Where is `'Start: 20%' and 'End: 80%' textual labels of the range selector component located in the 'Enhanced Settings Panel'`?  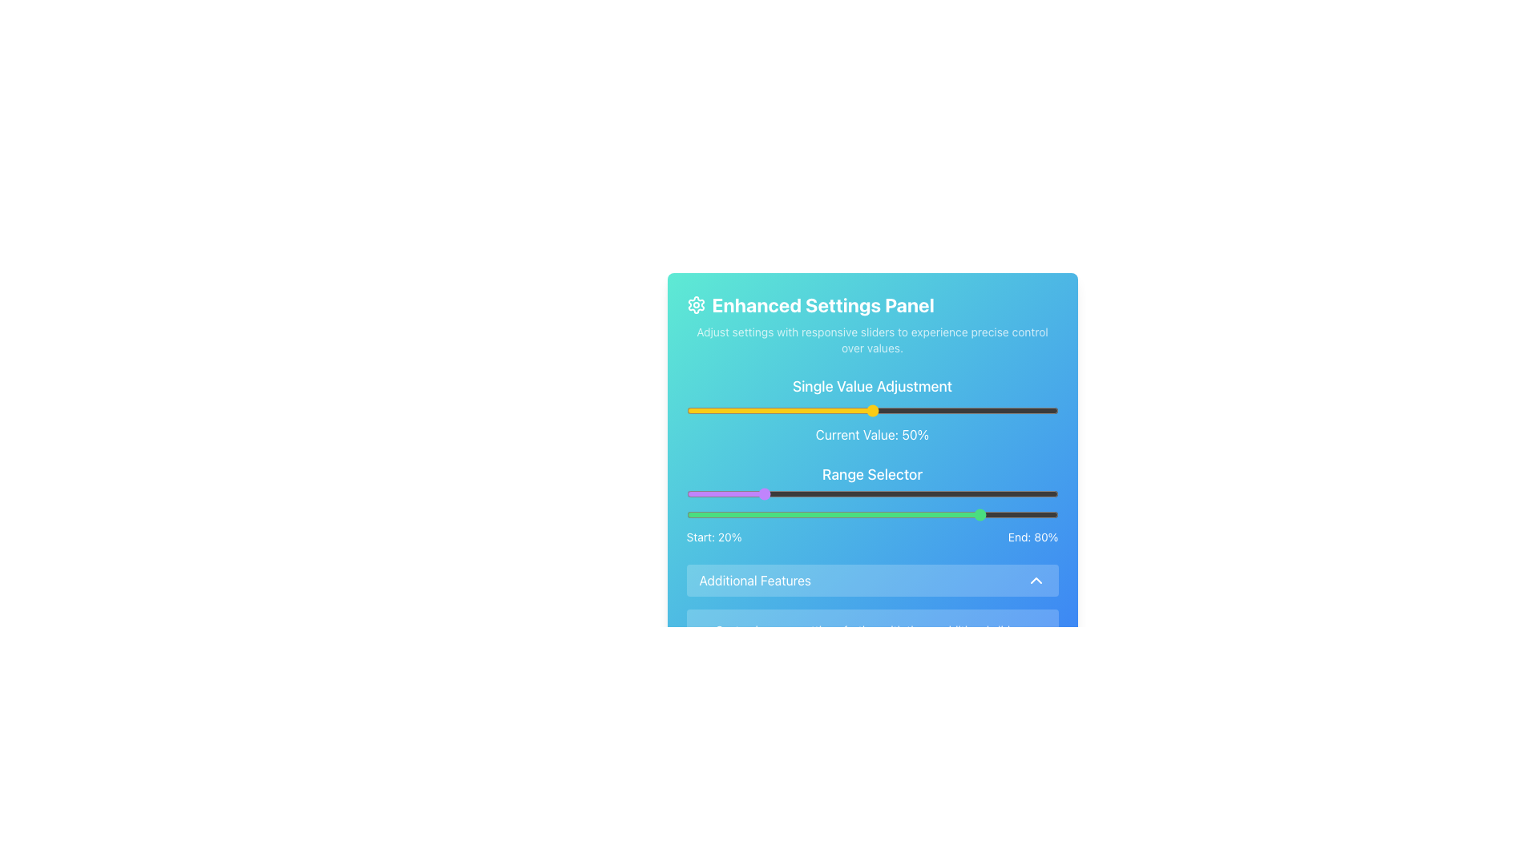 'Start: 20%' and 'End: 80%' textual labels of the range selector component located in the 'Enhanced Settings Panel' is located at coordinates (871, 503).